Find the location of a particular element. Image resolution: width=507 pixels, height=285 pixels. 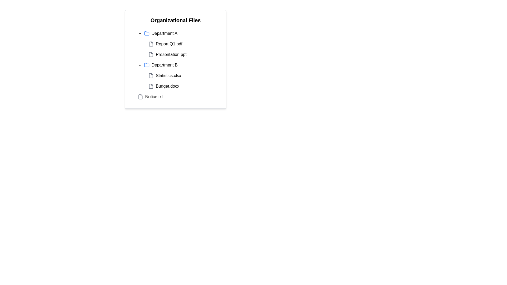

the interactive list item labeled 'Report Q1.pdf' located in the 'Department A' section is located at coordinates (181, 44).